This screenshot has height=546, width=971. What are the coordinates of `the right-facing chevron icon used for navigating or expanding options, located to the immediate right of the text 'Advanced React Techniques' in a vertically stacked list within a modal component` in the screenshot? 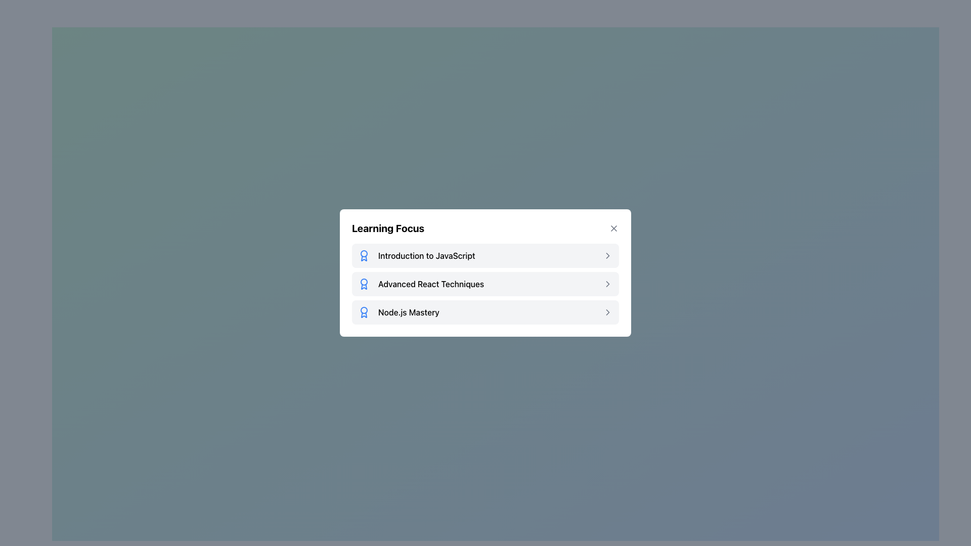 It's located at (607, 284).